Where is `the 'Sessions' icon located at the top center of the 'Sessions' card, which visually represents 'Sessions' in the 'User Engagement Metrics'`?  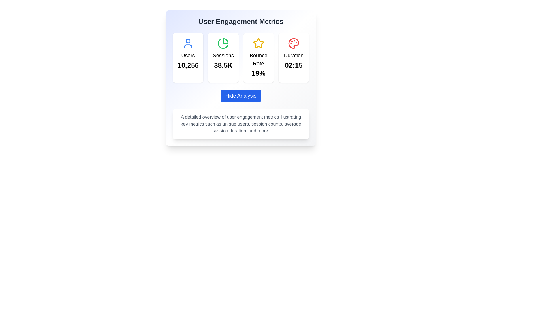
the 'Sessions' icon located at the top center of the 'Sessions' card, which visually represents 'Sessions' in the 'User Engagement Metrics' is located at coordinates (223, 43).